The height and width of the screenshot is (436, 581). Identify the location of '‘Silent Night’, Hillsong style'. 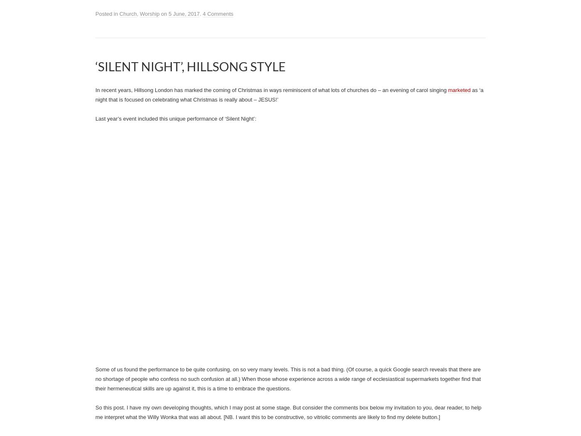
(190, 66).